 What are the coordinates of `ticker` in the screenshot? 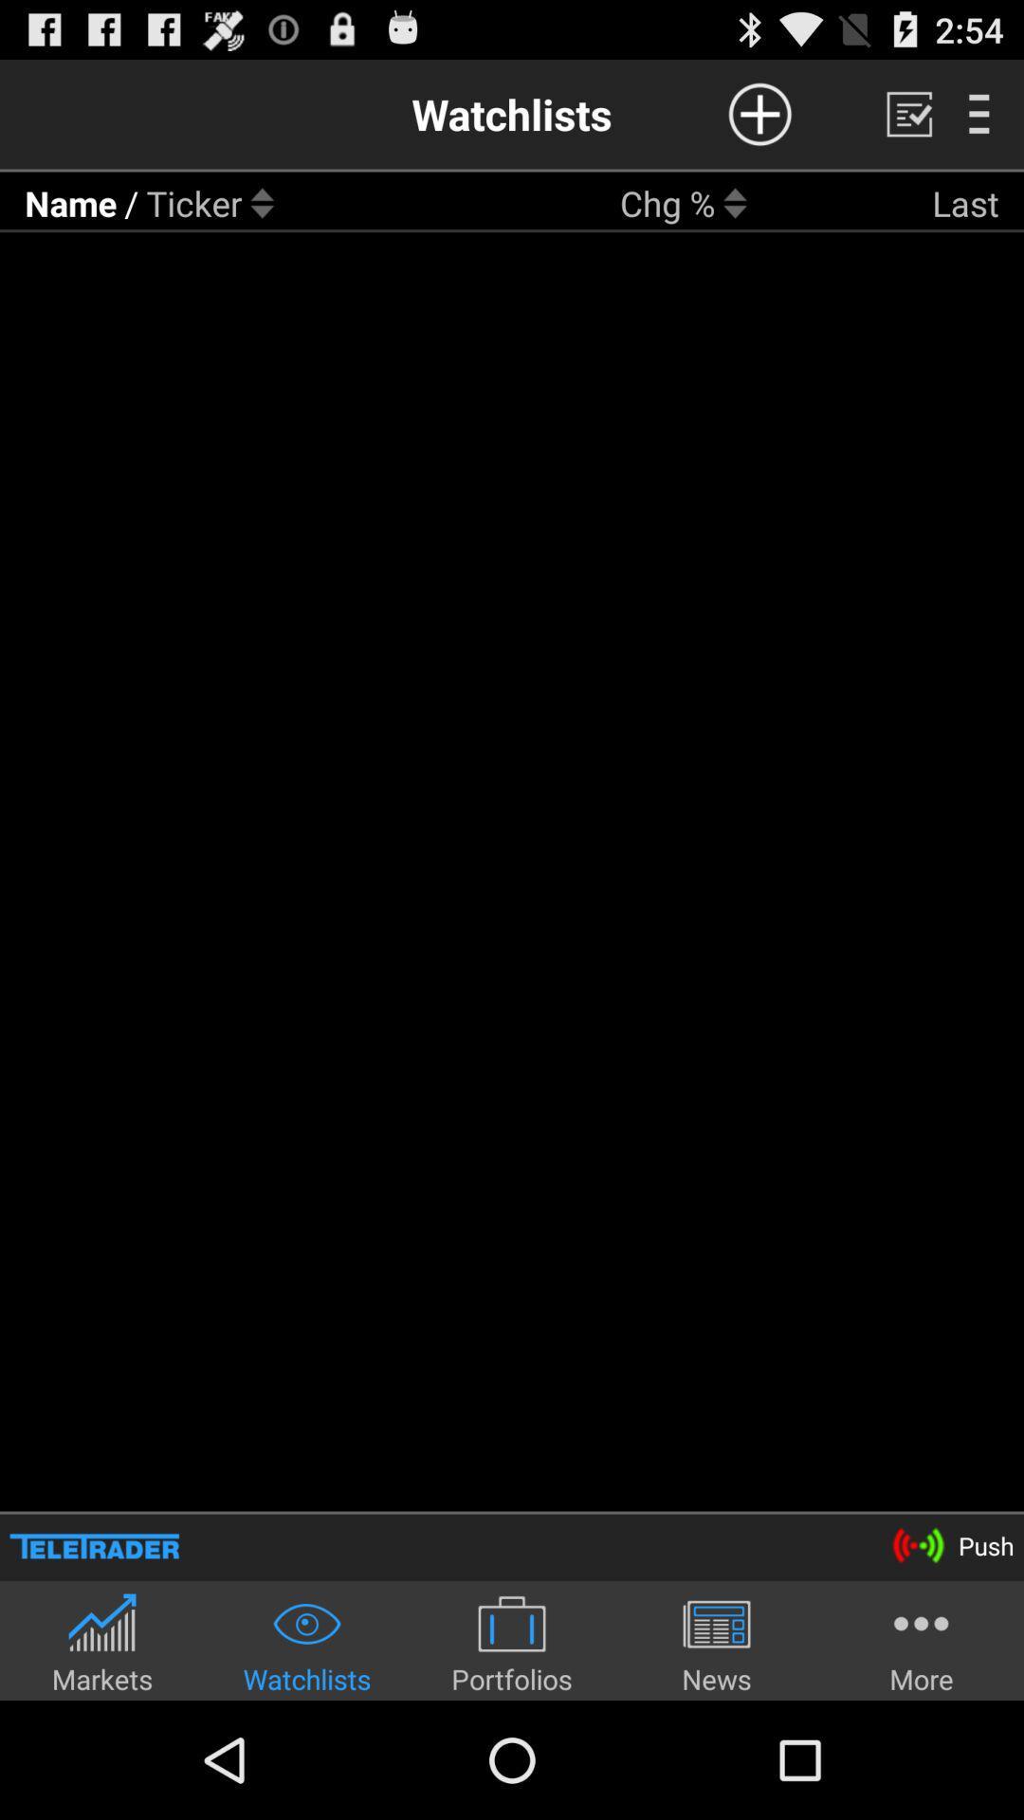 It's located at (194, 203).